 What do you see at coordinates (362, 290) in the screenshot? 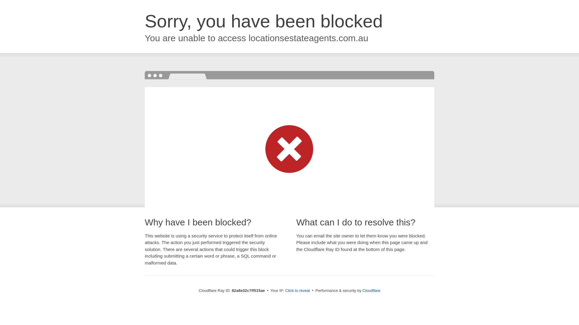
I see `'Cloudflare'` at bounding box center [362, 290].